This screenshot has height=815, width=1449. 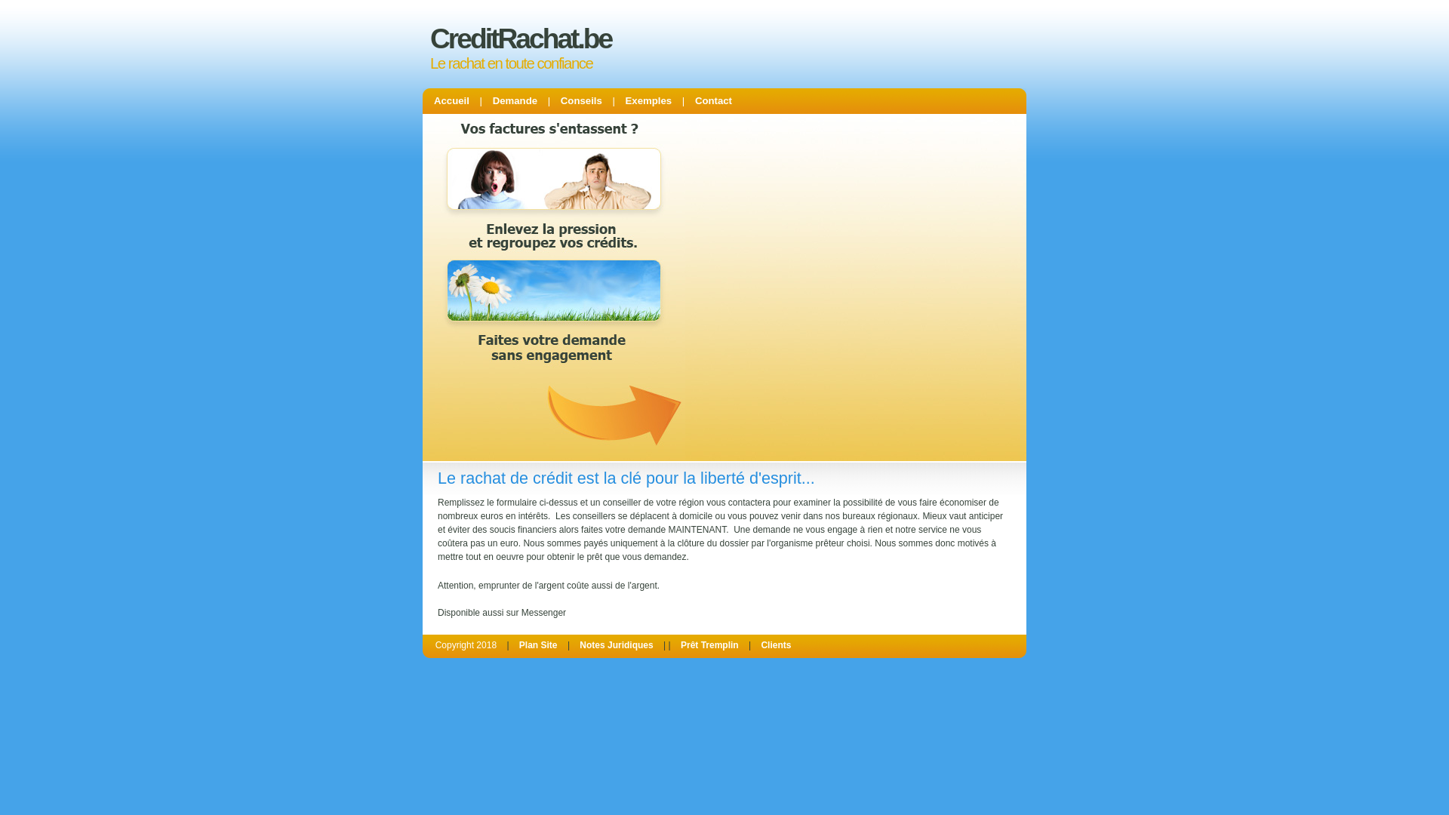 I want to click on 'Clients', so click(x=775, y=645).